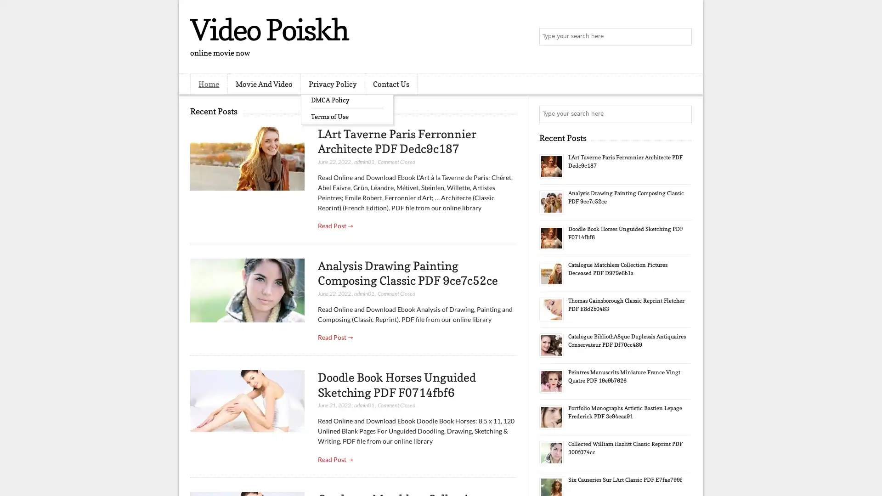 This screenshot has height=496, width=882. Describe the element at coordinates (682, 37) in the screenshot. I see `Search` at that location.